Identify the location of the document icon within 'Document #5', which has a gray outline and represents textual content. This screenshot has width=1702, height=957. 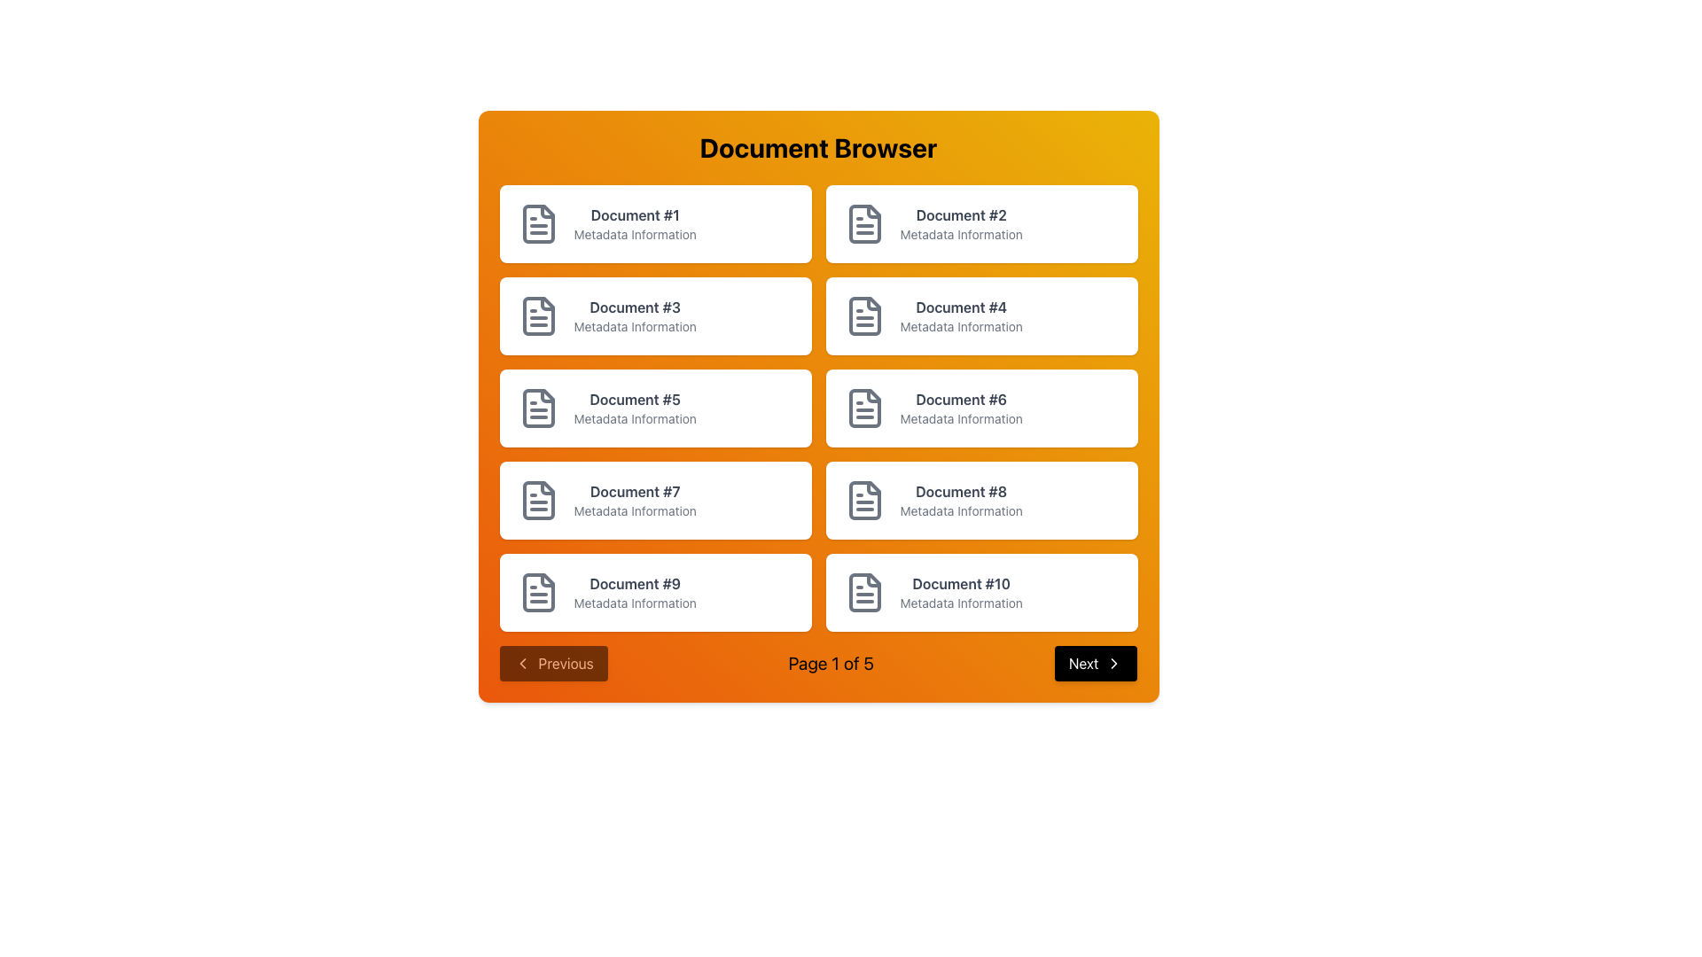
(537, 408).